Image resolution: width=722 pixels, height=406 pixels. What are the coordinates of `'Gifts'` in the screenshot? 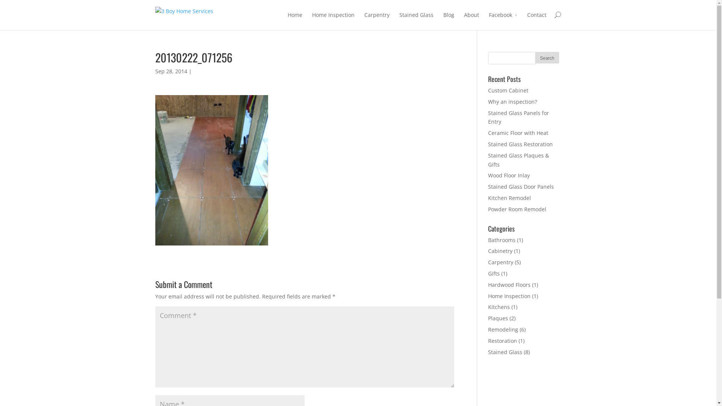 It's located at (494, 273).